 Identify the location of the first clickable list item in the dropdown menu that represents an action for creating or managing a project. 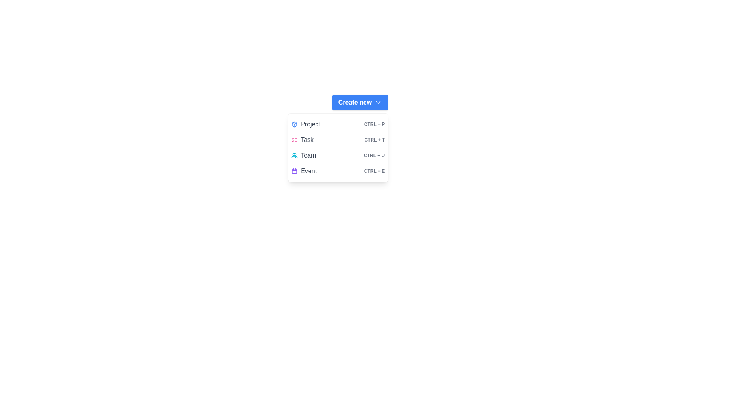
(338, 124).